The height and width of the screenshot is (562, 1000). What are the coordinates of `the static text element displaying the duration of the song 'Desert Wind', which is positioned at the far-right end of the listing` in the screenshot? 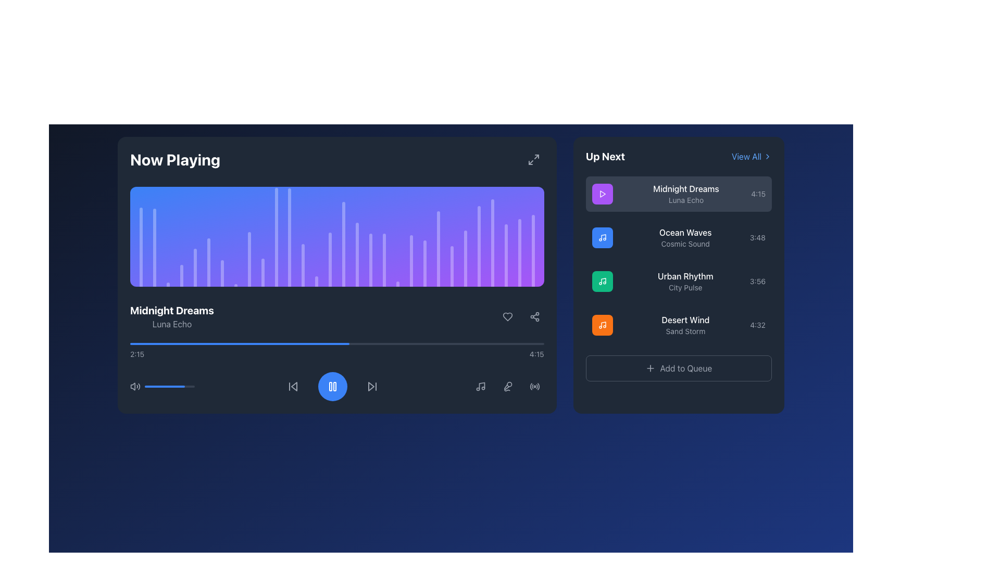 It's located at (758, 324).